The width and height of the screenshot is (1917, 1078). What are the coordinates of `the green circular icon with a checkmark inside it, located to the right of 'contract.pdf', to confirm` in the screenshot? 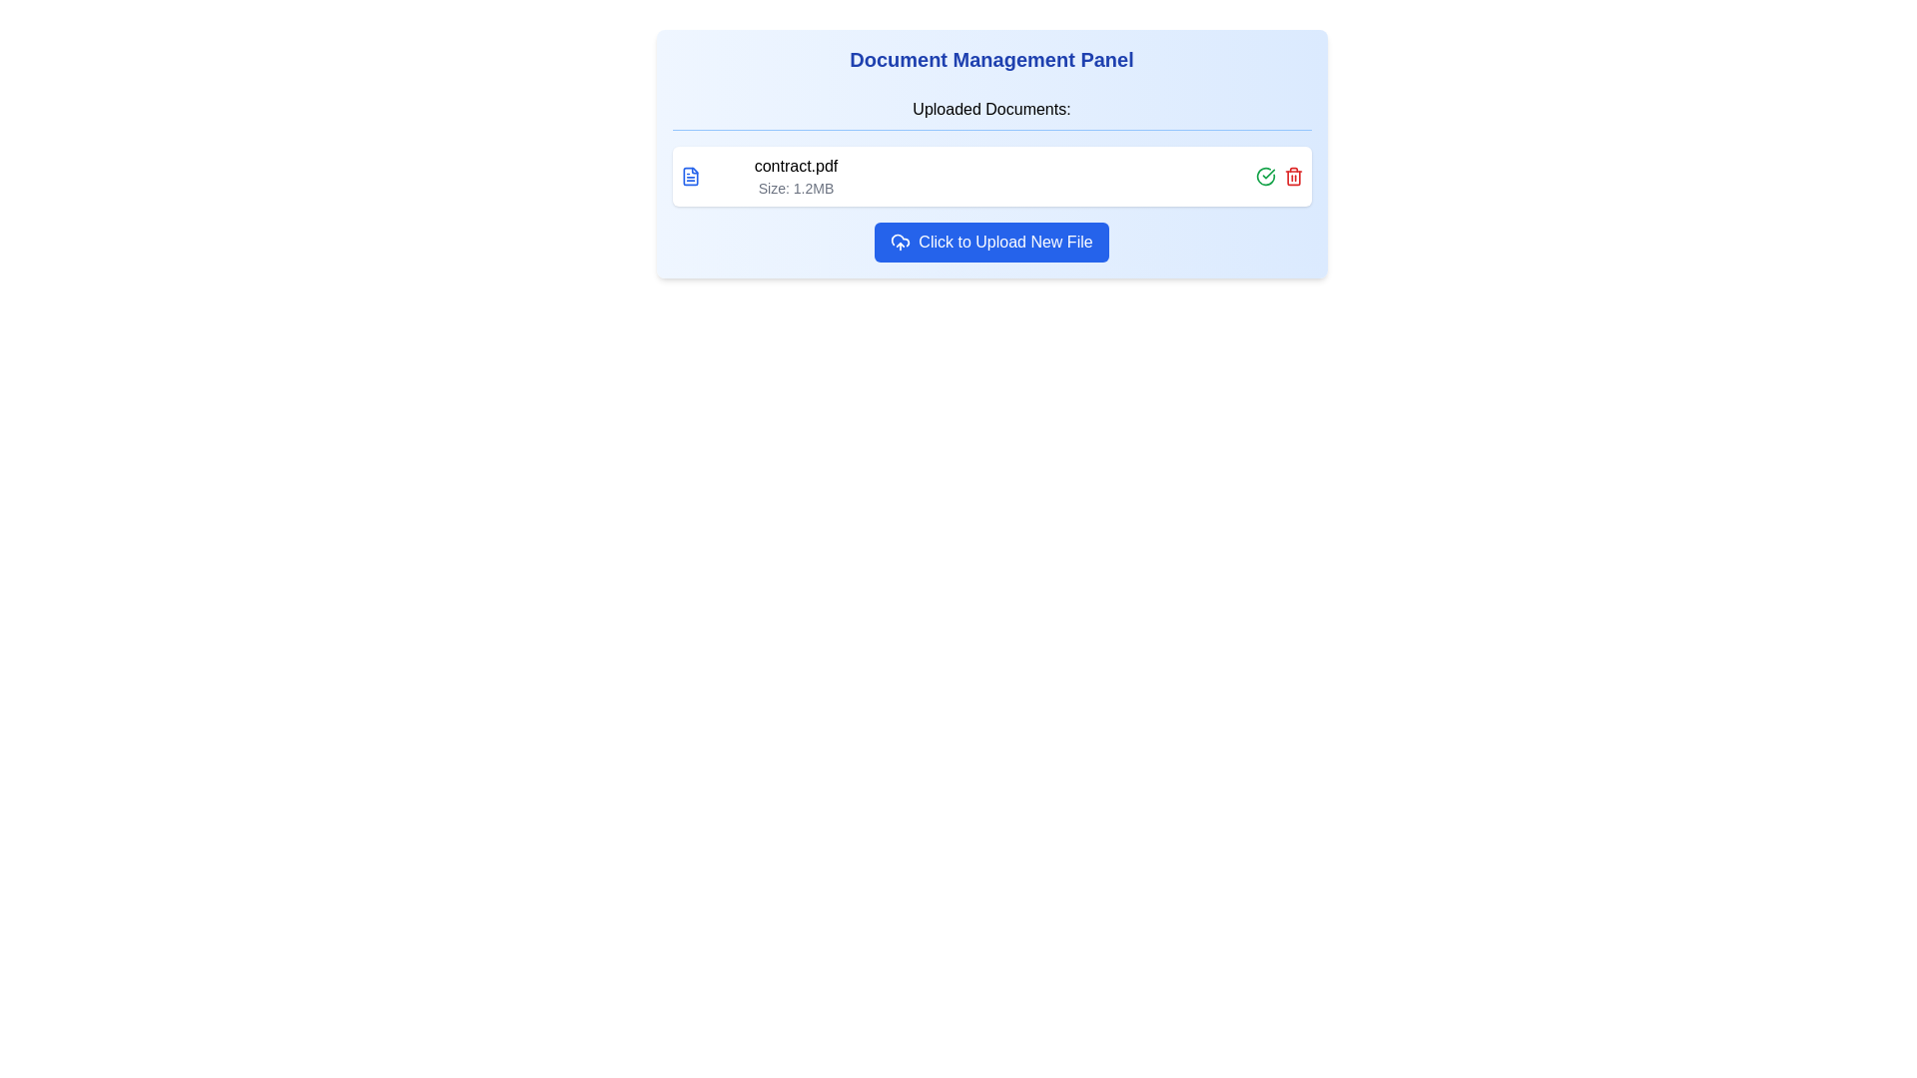 It's located at (1264, 176).